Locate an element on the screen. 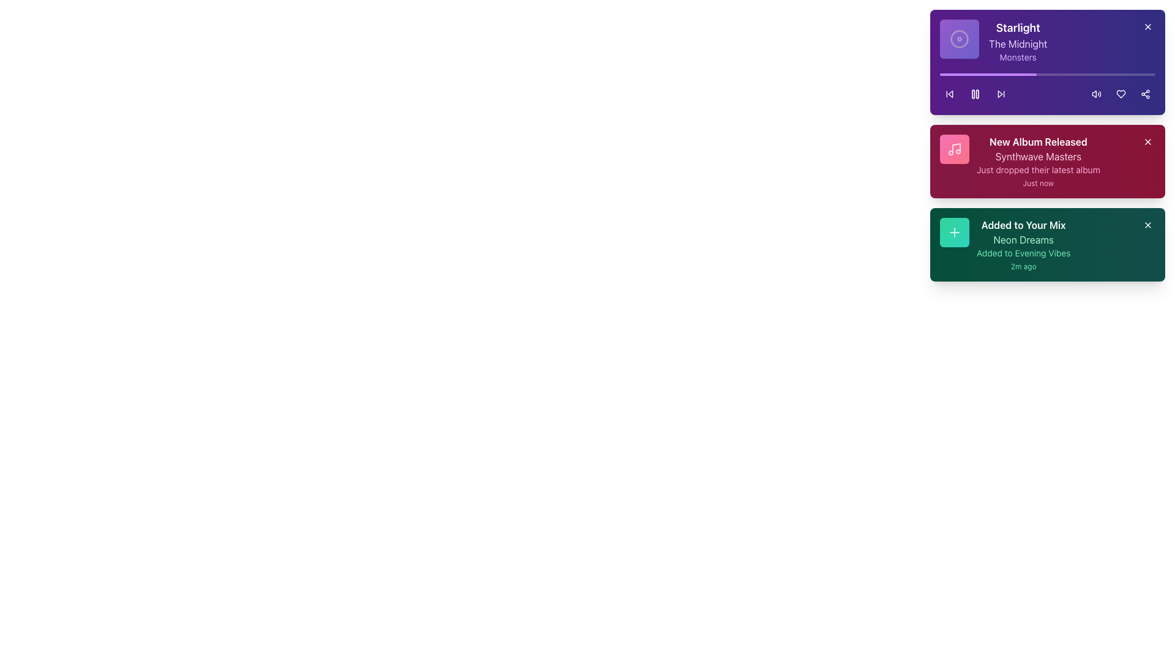 The width and height of the screenshot is (1175, 661). the text label displaying 'Neon Dreams' in light green color, which is positioned within the green notification card, located beneath 'Added to Your Mix' and above 'Added to Evening Vibes' is located at coordinates (1023, 240).